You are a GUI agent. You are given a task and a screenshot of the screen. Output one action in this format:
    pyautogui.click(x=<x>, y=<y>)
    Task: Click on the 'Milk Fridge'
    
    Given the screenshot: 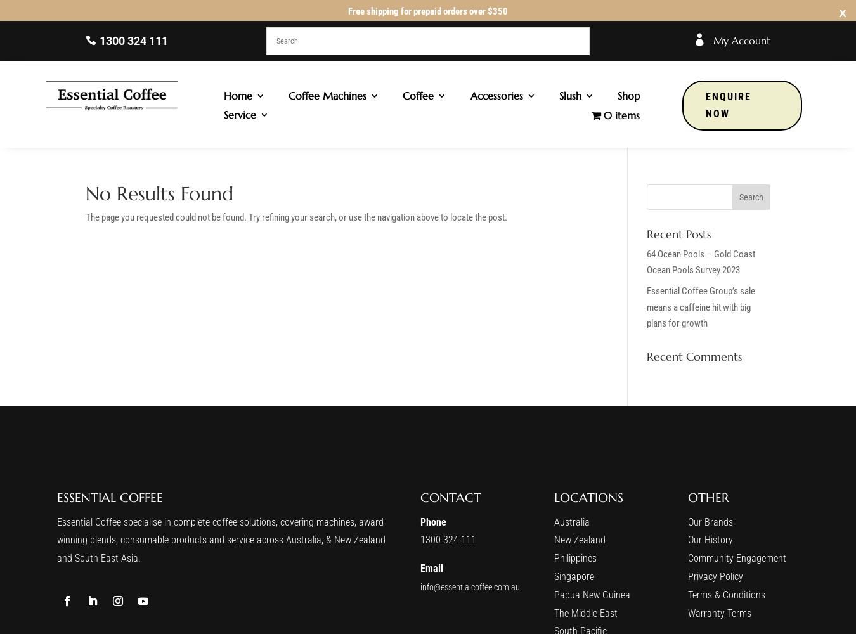 What is the action you would take?
    pyautogui.click(x=514, y=207)
    